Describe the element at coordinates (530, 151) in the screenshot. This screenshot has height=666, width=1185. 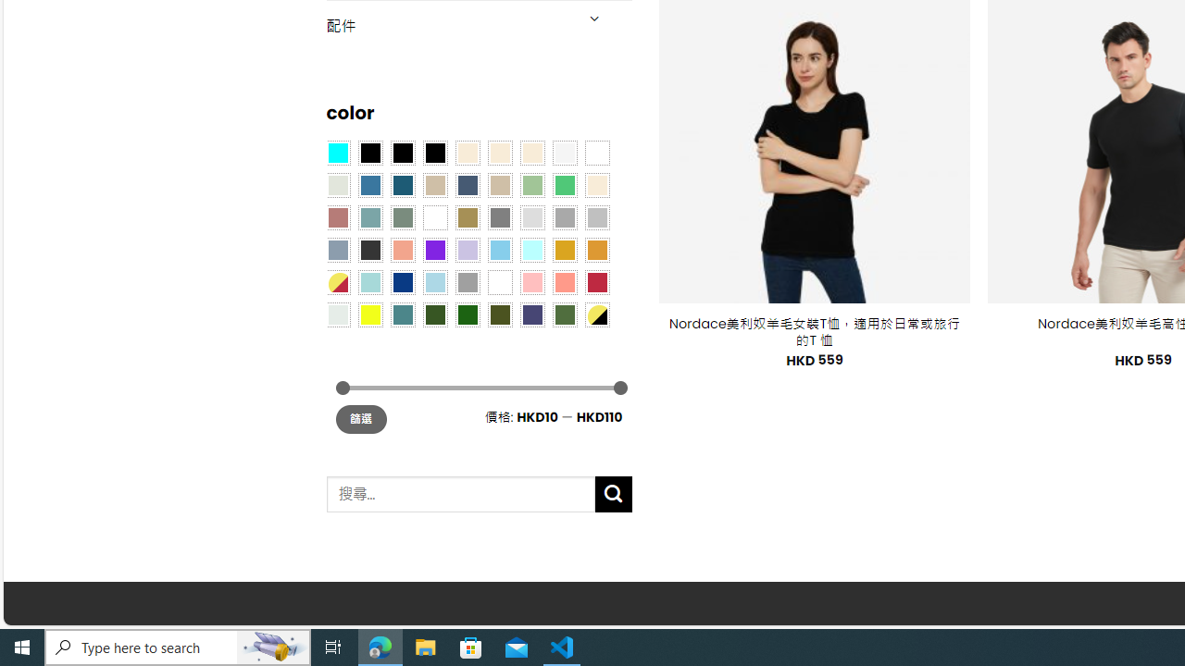
I see `'Cream'` at that location.